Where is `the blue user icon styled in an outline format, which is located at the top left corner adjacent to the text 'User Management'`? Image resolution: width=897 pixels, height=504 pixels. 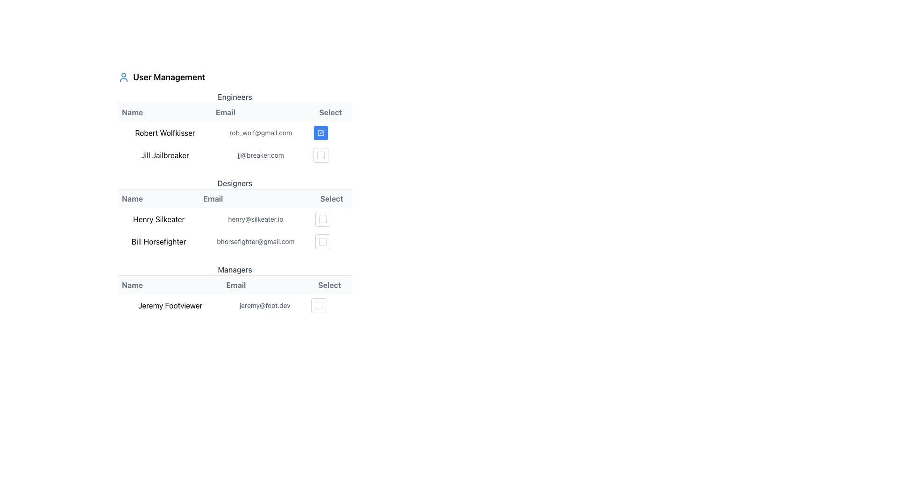 the blue user icon styled in an outline format, which is located at the top left corner adjacent to the text 'User Management' is located at coordinates (123, 77).